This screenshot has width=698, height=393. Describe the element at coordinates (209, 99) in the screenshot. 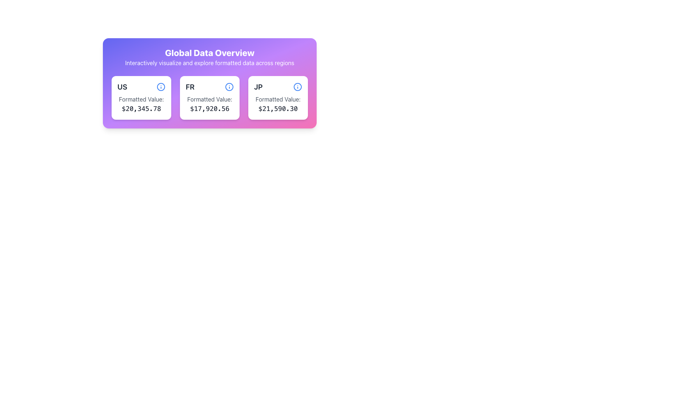

I see `the static text label displaying 'Formatted Value:' located in the middle panel identified by 'FR'` at that location.